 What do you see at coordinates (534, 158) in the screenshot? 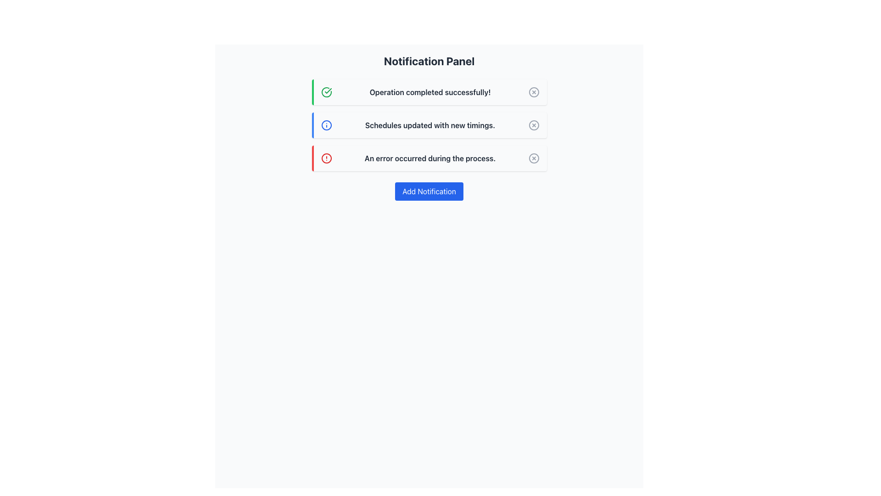
I see `the circular gray icon button with an 'X' shape located in the third notification card, next to the message 'An error occurred during the process.'` at bounding box center [534, 158].